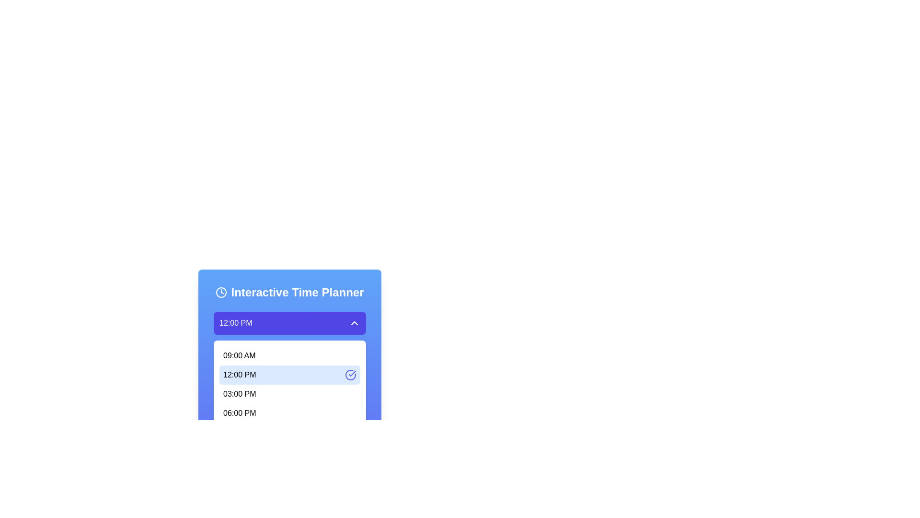 The height and width of the screenshot is (518, 920). What do you see at coordinates (289, 329) in the screenshot?
I see `the dropdown button for the 'Interactive Time Planner'` at bounding box center [289, 329].